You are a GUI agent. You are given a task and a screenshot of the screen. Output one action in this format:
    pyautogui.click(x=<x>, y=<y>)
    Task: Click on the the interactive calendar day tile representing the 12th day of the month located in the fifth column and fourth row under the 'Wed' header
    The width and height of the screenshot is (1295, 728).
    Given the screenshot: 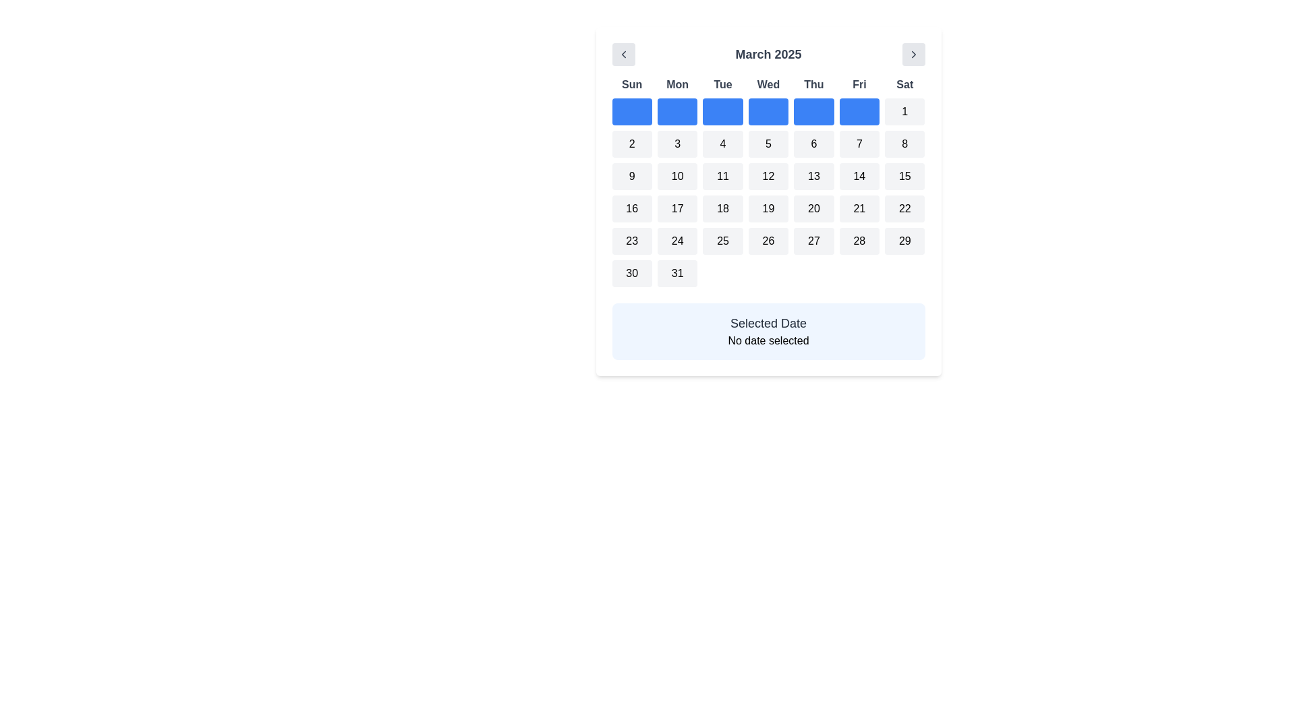 What is the action you would take?
    pyautogui.click(x=768, y=176)
    